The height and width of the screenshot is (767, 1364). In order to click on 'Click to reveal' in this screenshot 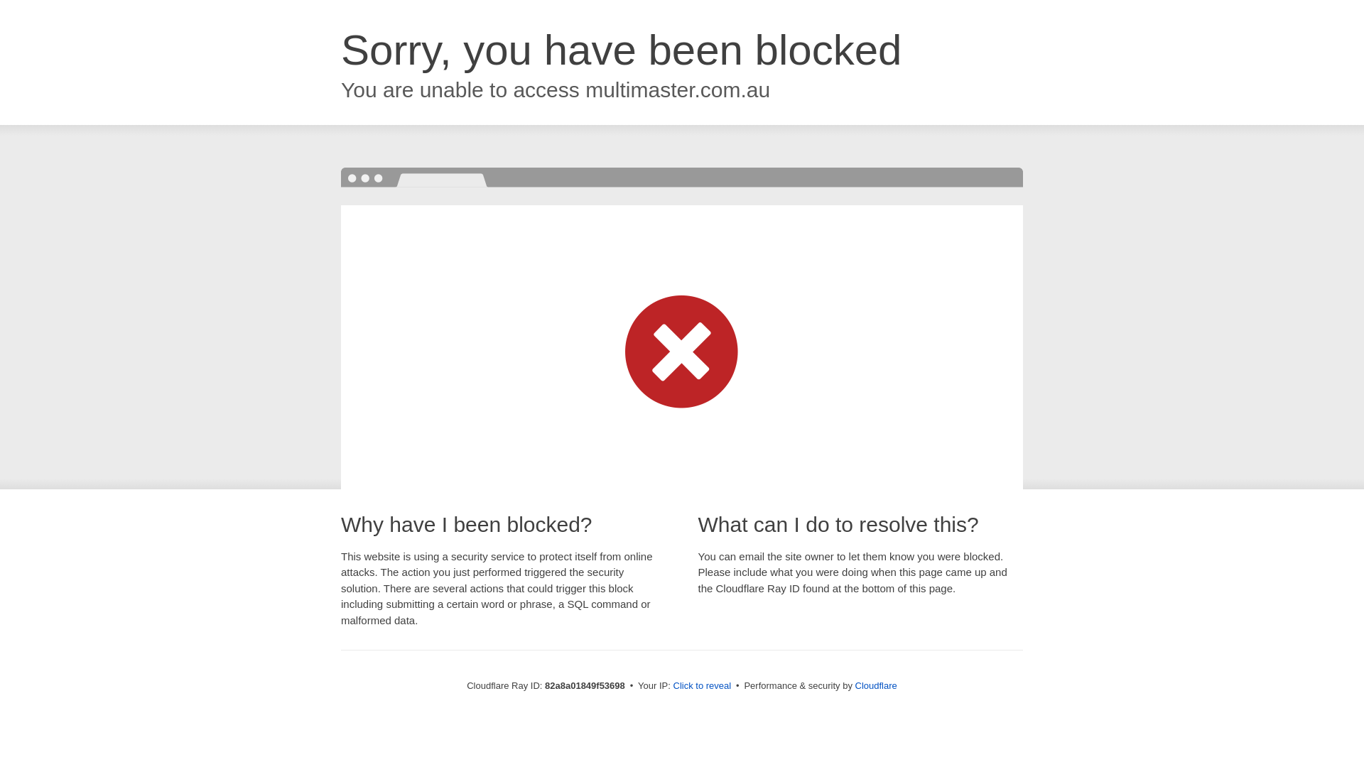, I will do `click(702, 685)`.